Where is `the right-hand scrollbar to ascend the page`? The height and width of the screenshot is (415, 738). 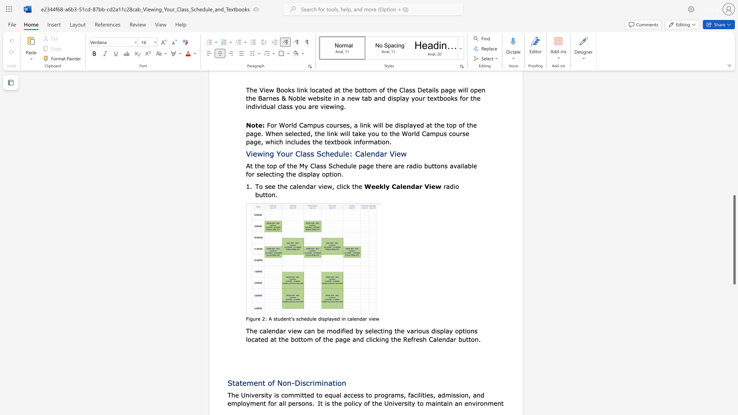 the right-hand scrollbar to ascend the page is located at coordinates (734, 111).